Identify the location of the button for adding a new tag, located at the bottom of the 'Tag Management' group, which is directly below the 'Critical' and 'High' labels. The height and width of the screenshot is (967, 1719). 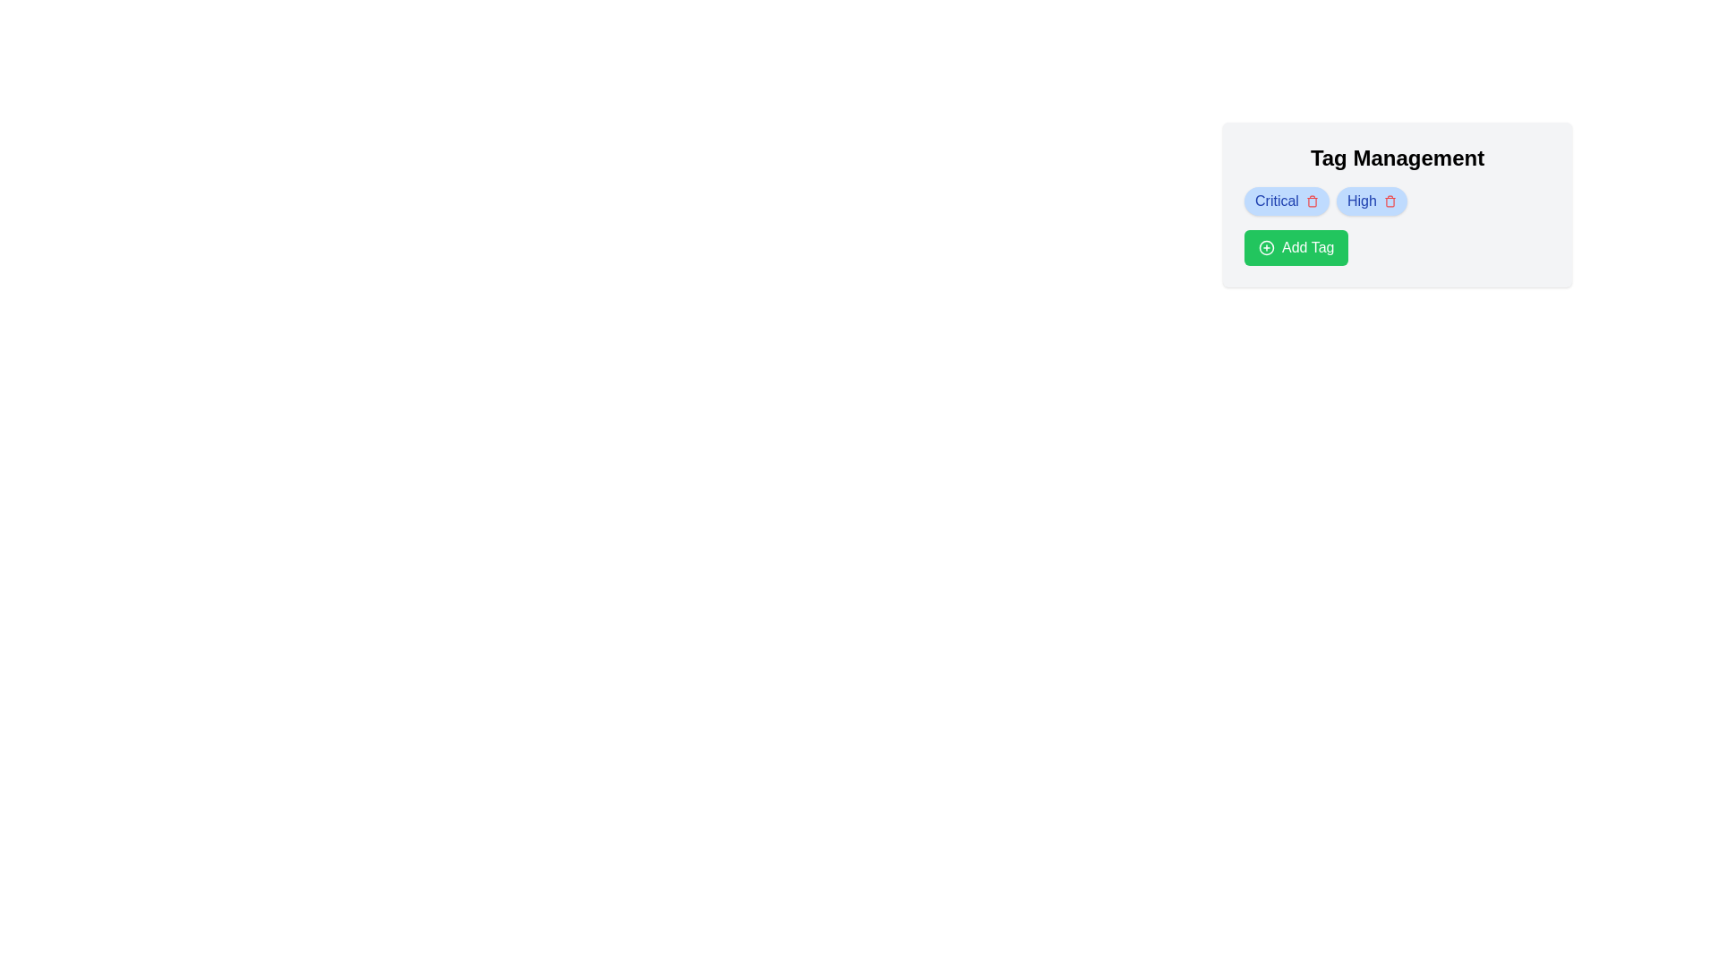
(1296, 248).